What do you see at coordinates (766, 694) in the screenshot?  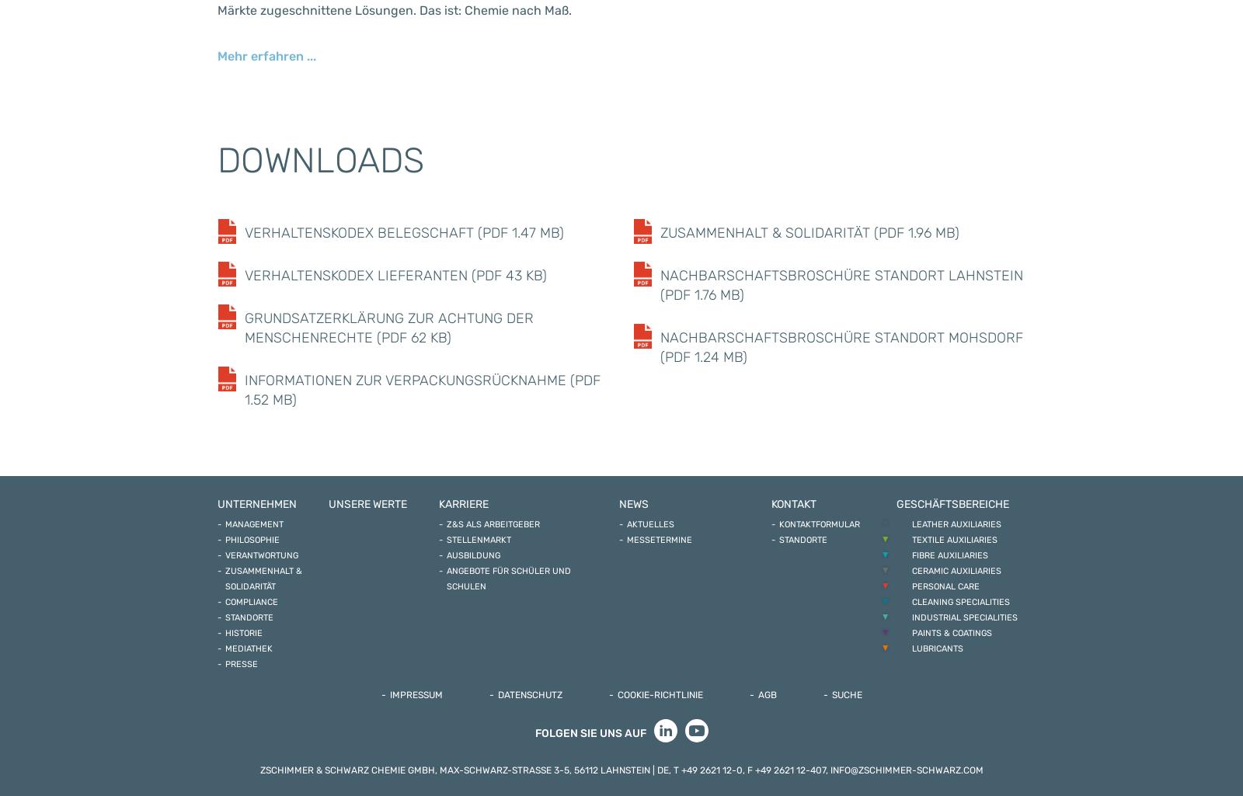 I see `'AGB'` at bounding box center [766, 694].